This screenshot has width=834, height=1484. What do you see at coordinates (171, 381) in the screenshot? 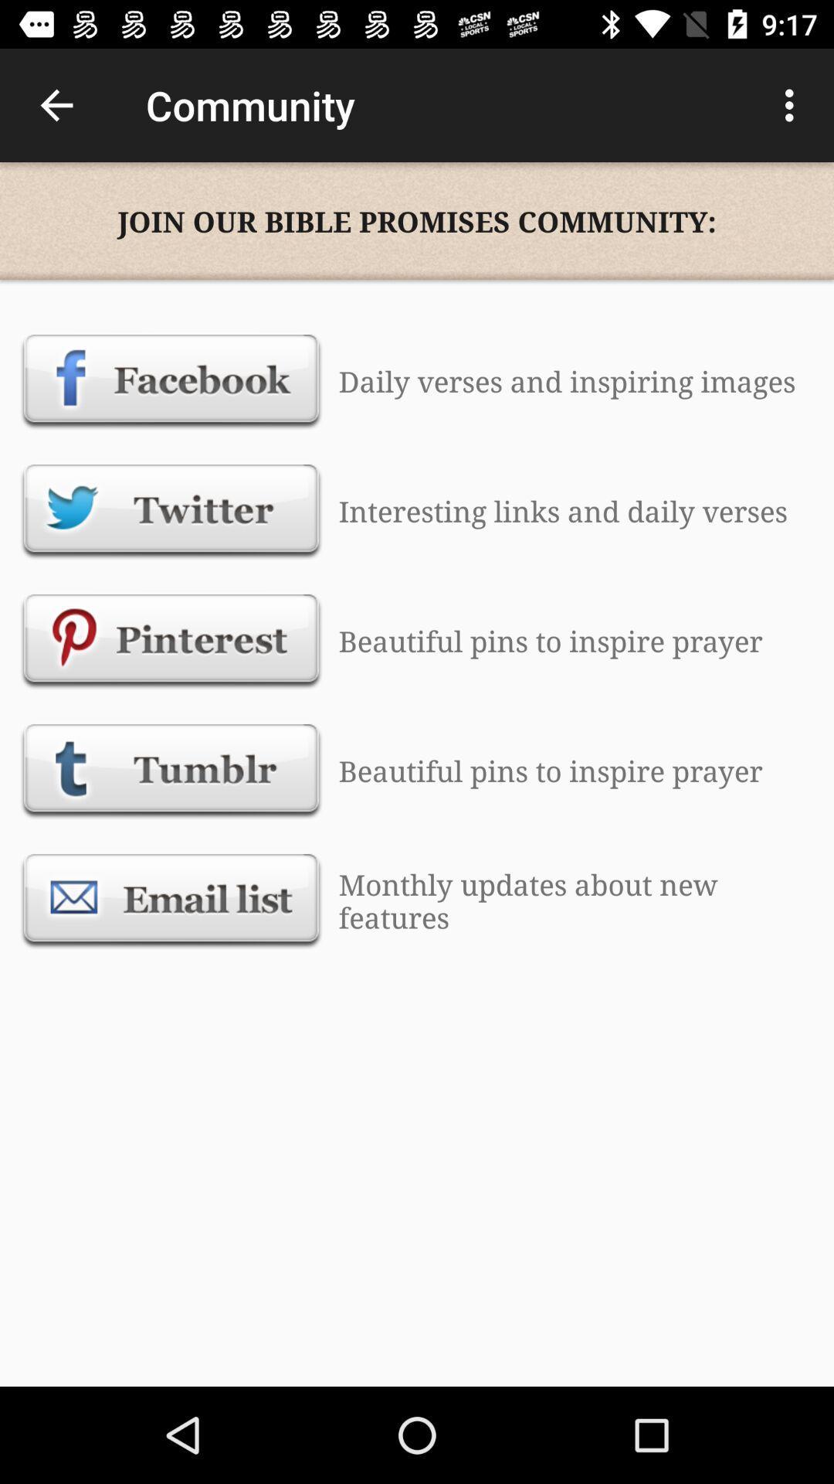
I see `the item next to the daily verses and` at bounding box center [171, 381].